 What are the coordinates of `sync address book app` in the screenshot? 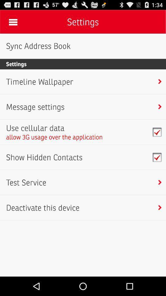 It's located at (38, 46).